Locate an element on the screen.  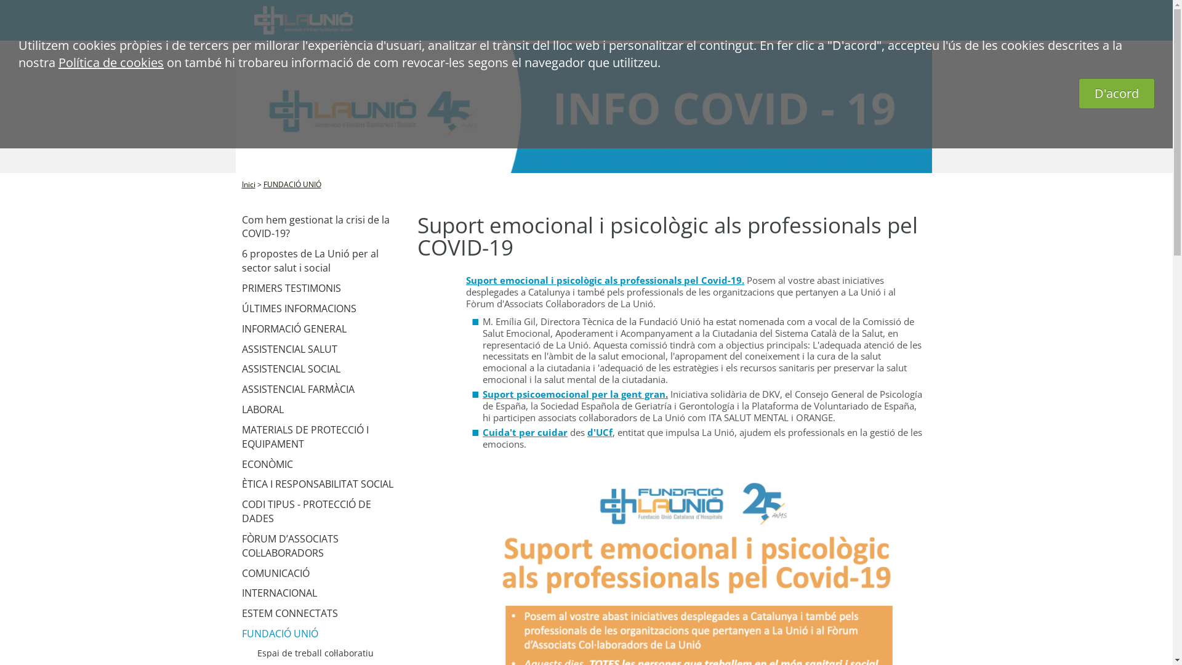
'PRIMERS TESTIMONIS' is located at coordinates (323, 288).